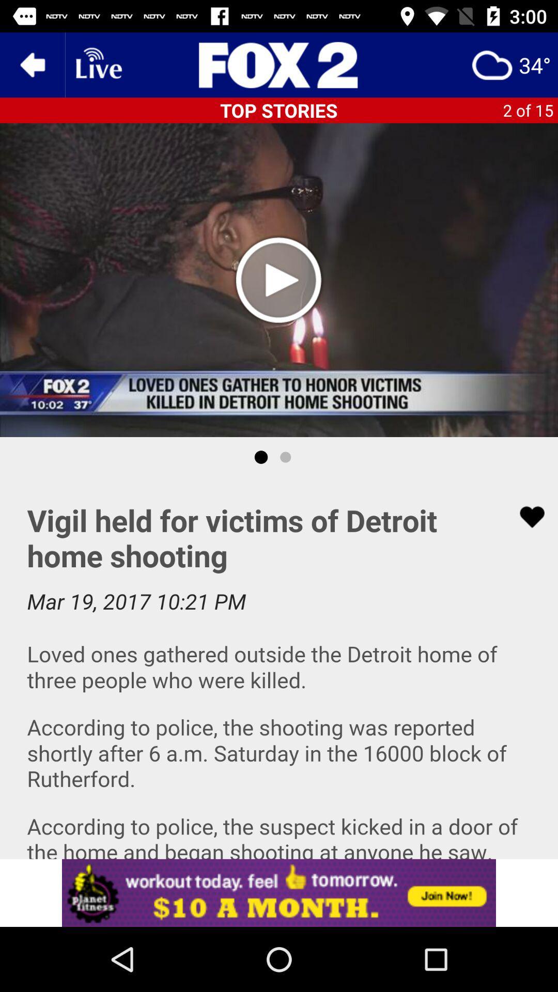  I want to click on the arrow_backward icon, so click(32, 64).